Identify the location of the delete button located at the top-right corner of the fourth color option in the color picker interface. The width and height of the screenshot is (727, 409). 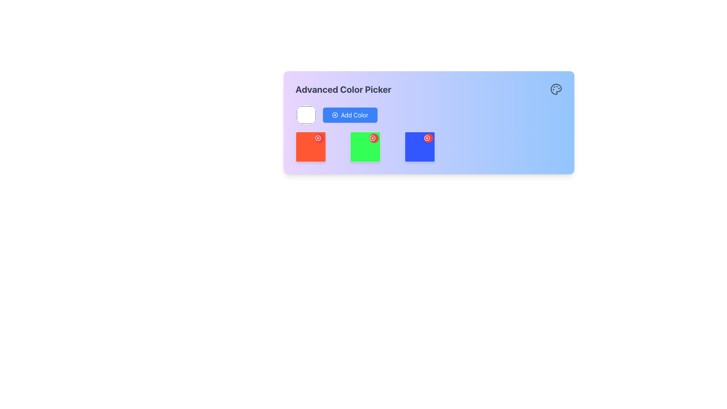
(419, 147).